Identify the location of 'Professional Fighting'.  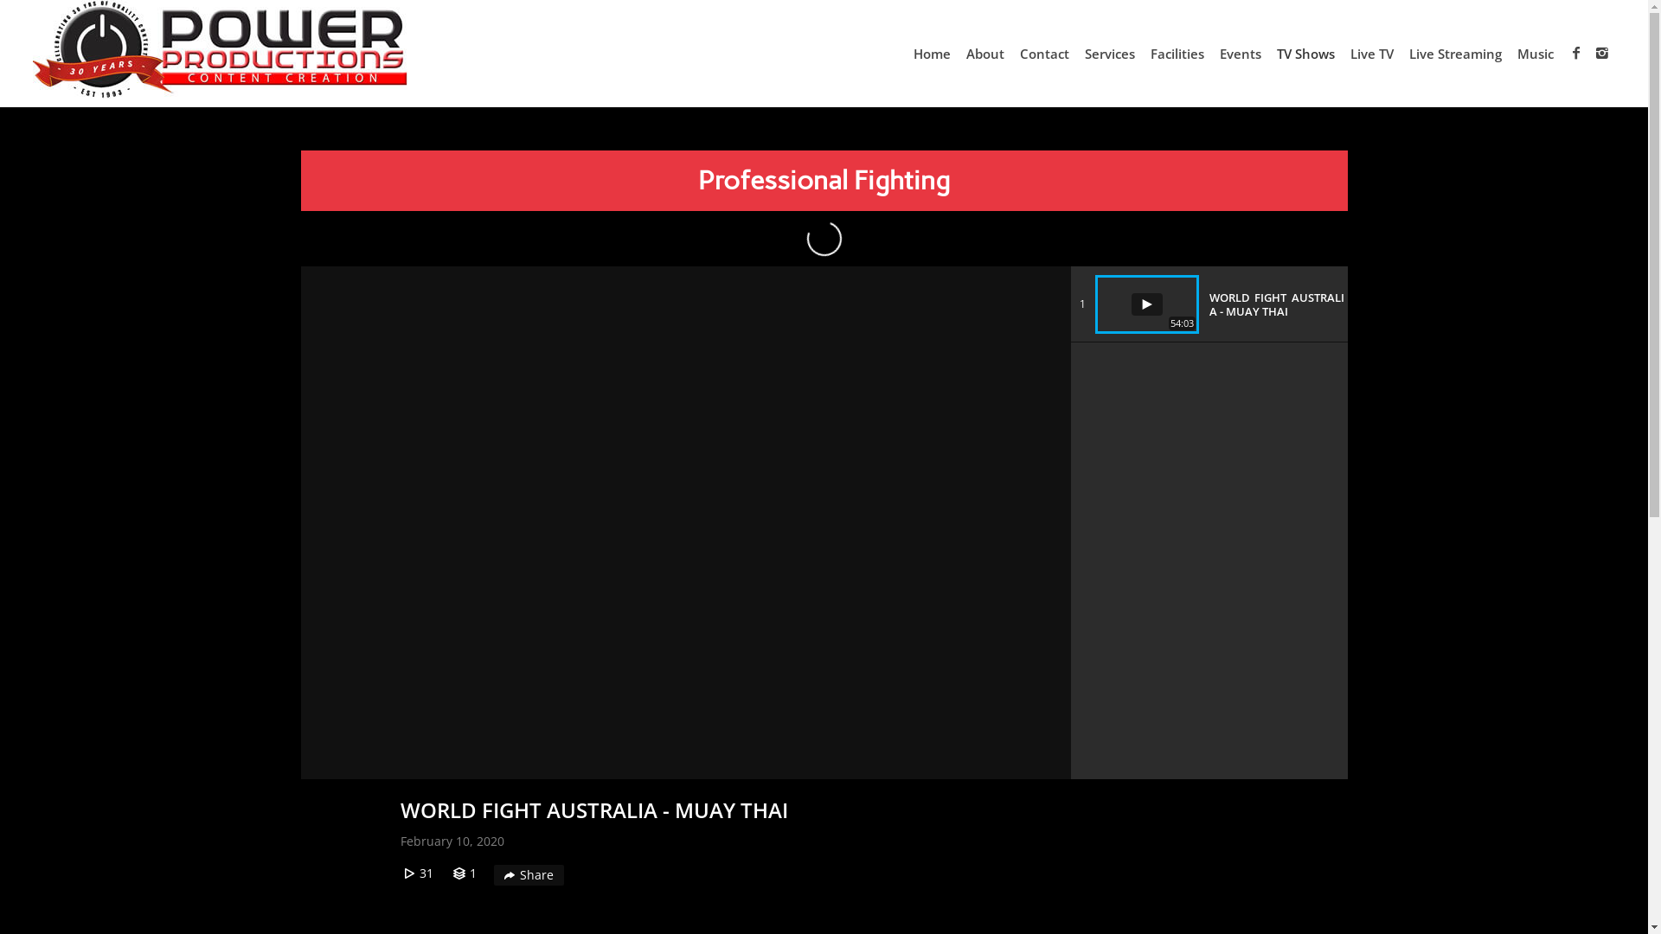
(823, 180).